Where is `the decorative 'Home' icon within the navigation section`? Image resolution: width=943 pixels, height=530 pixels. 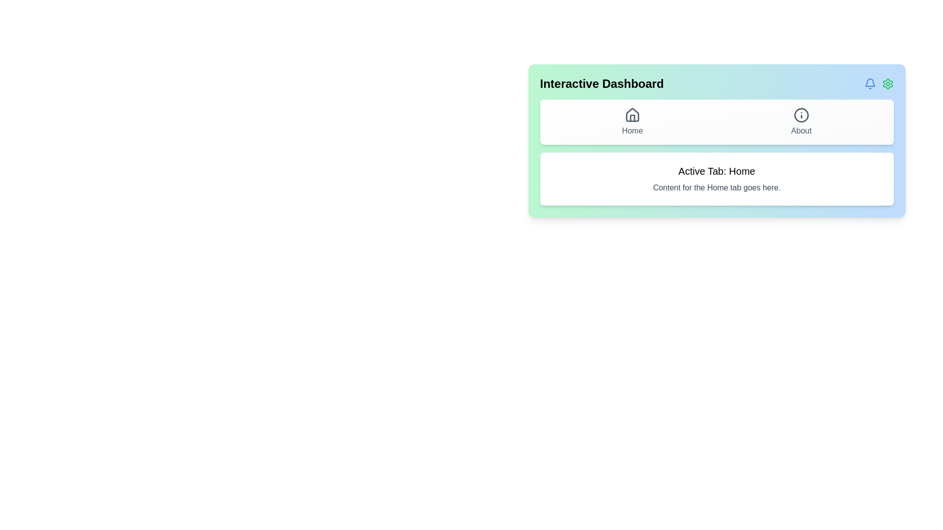
the decorative 'Home' icon within the navigation section is located at coordinates (632, 115).